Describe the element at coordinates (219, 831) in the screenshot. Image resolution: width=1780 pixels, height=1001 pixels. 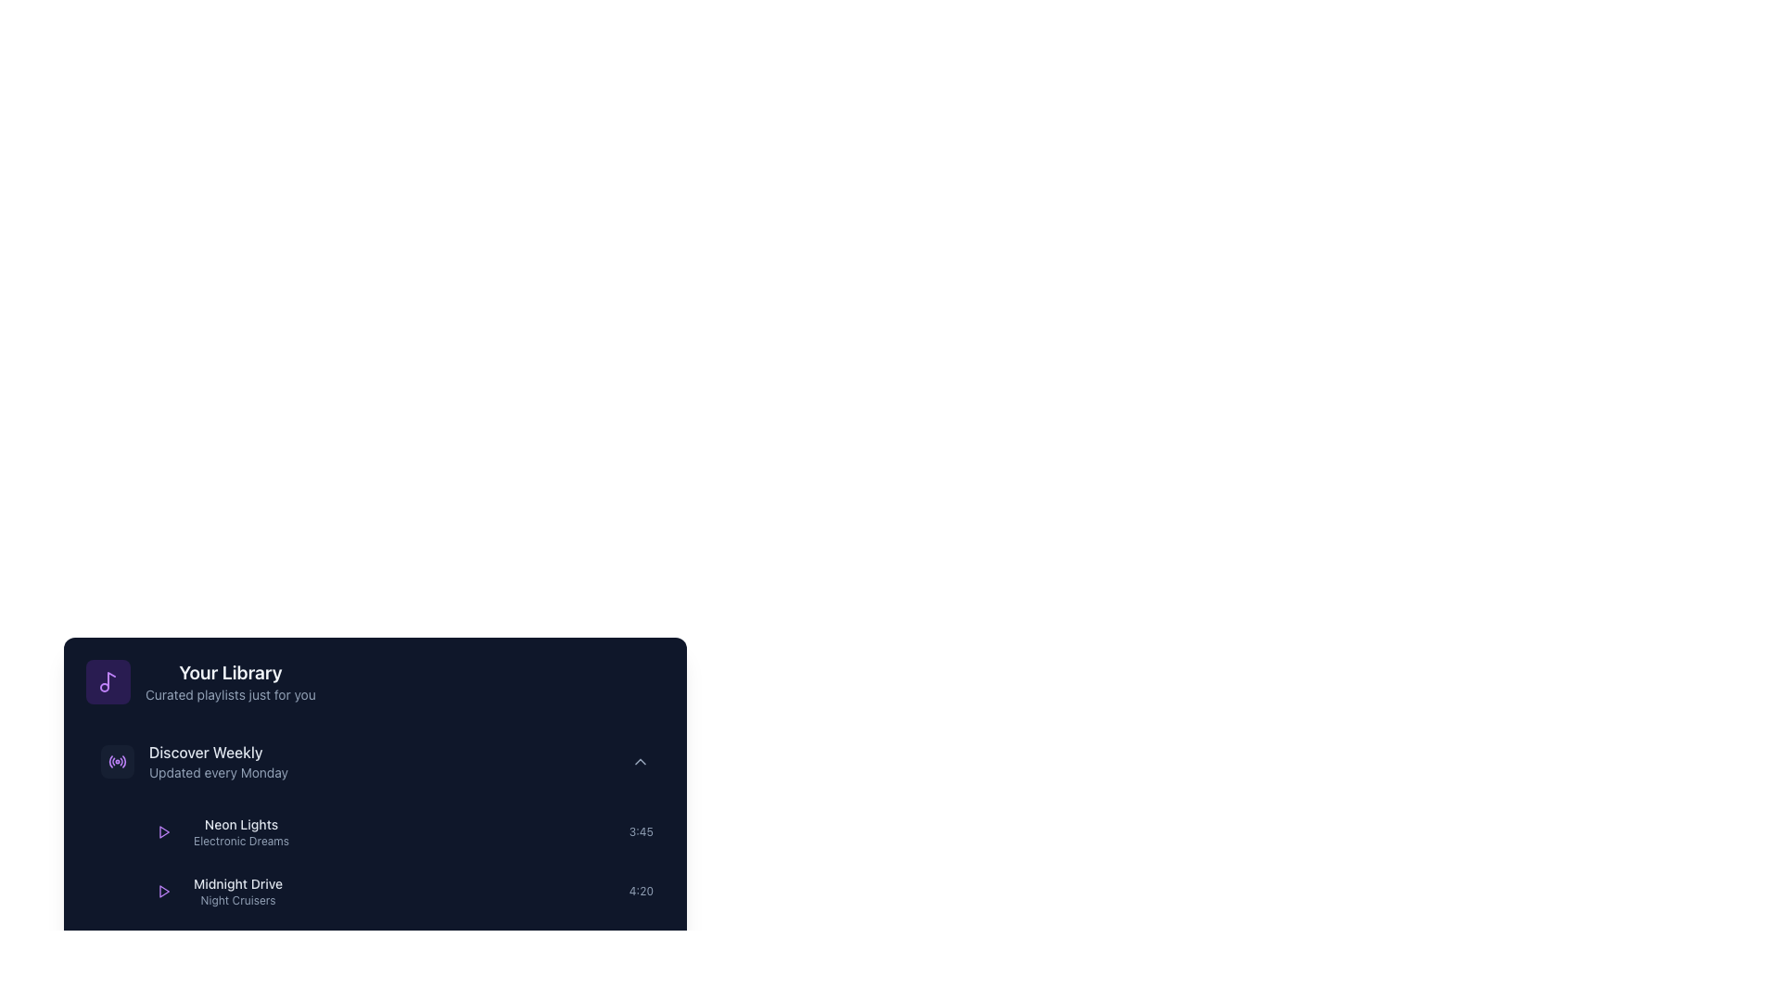
I see `the text displaying the title and subtitle of the first song` at that location.